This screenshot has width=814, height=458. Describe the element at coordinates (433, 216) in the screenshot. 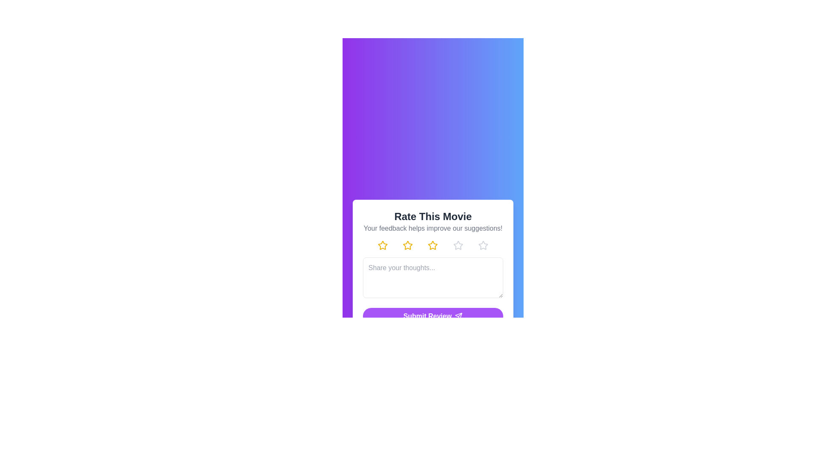

I see `the 'Rate This Movie' text label, which is styled in bold and larger-than-normal size, located at the top of the rating section on a white card` at that location.